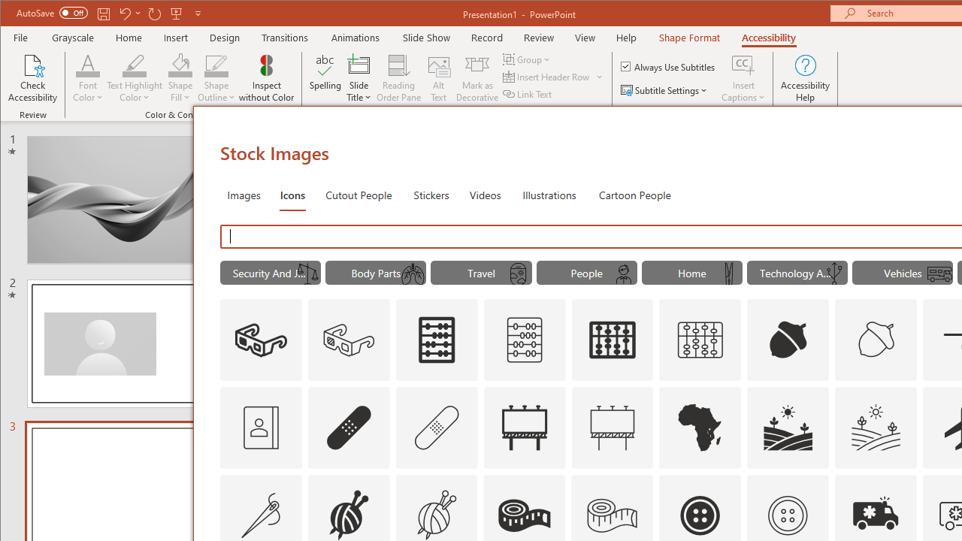 The width and height of the screenshot is (962, 541). Describe the element at coordinates (413, 274) in the screenshot. I see `'AutomationID: Icons_Lungs_M'` at that location.